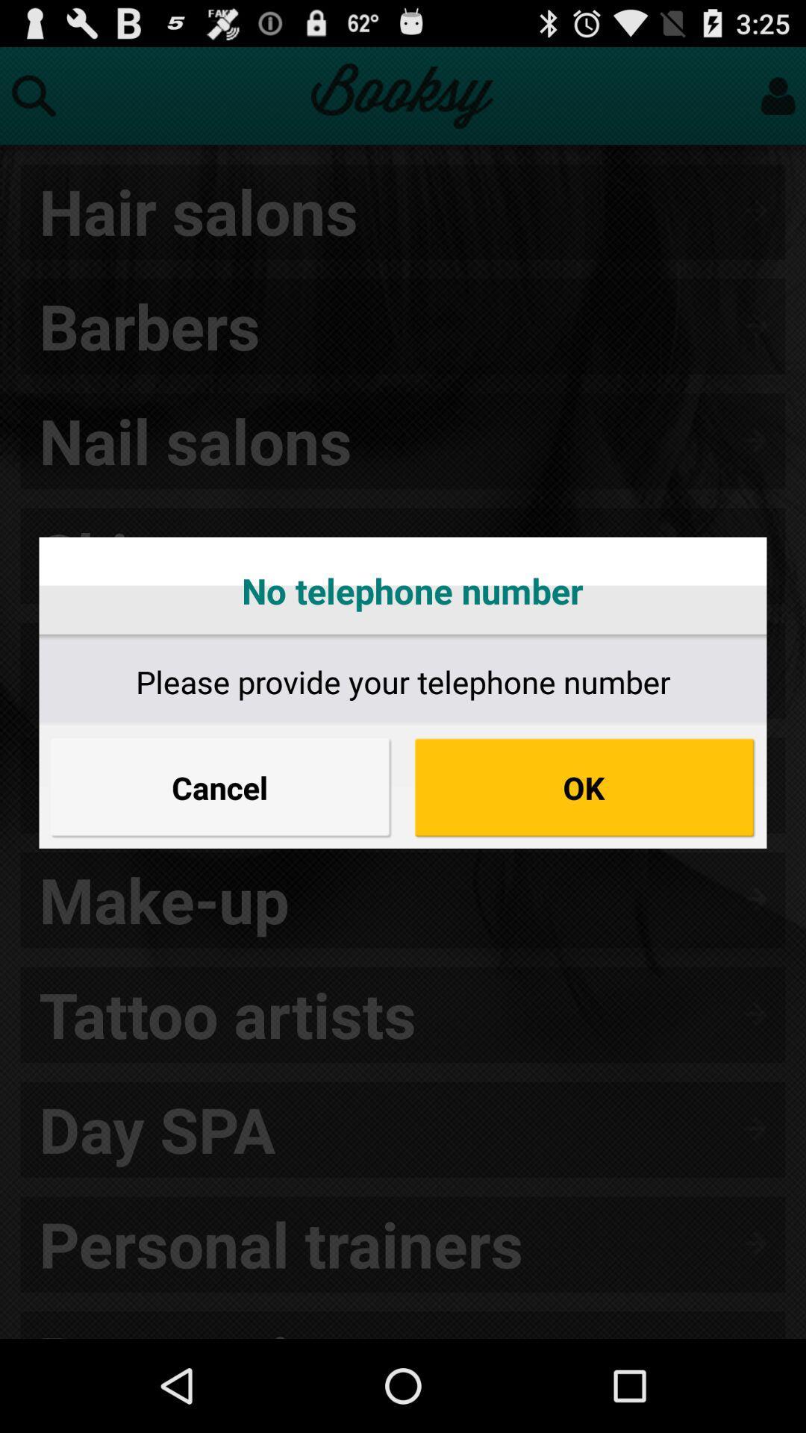 The image size is (806, 1433). I want to click on the button next to ok, so click(221, 787).